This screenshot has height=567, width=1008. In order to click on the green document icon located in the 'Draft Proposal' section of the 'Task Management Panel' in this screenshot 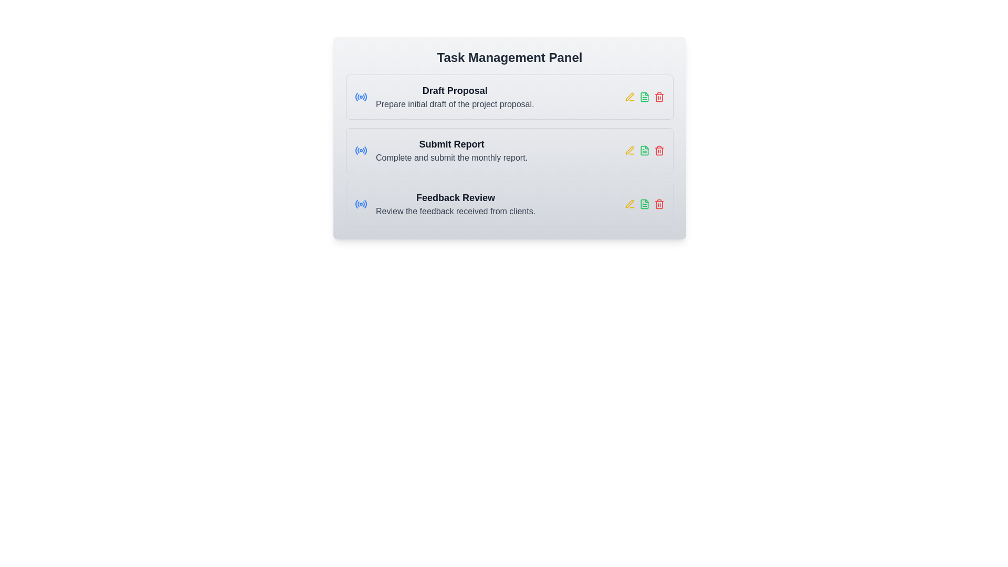, I will do `click(644, 97)`.